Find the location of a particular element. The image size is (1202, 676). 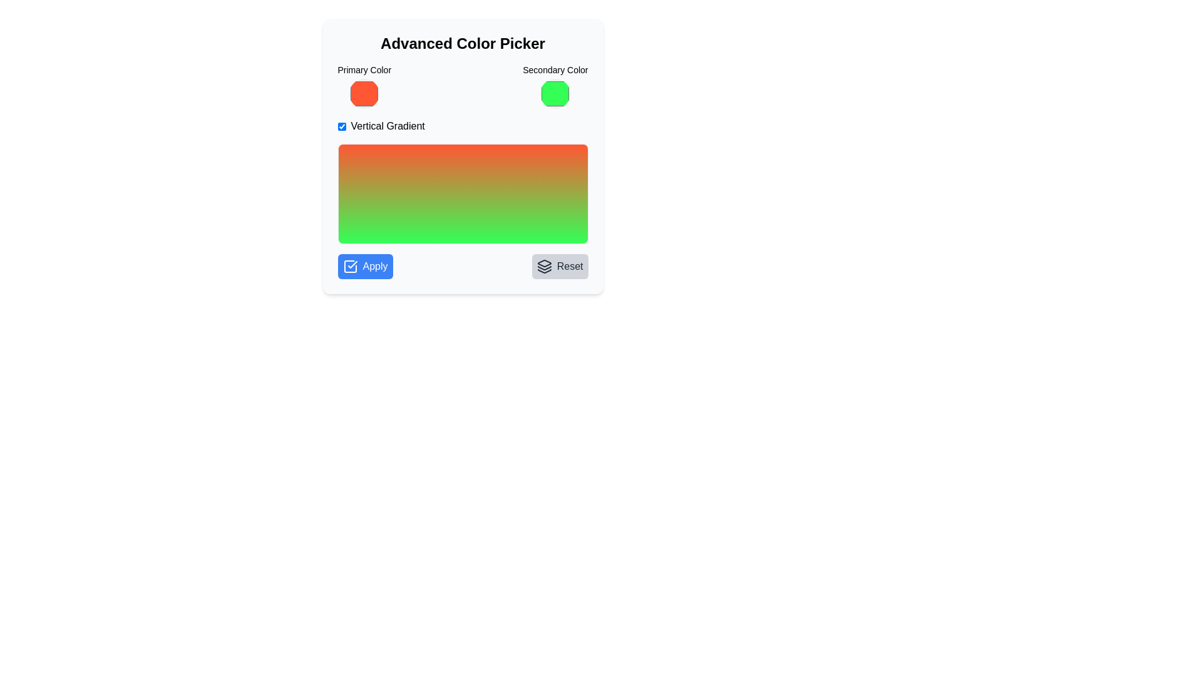

the color selector button located beneath the text 'Primary Color' is located at coordinates (364, 93).